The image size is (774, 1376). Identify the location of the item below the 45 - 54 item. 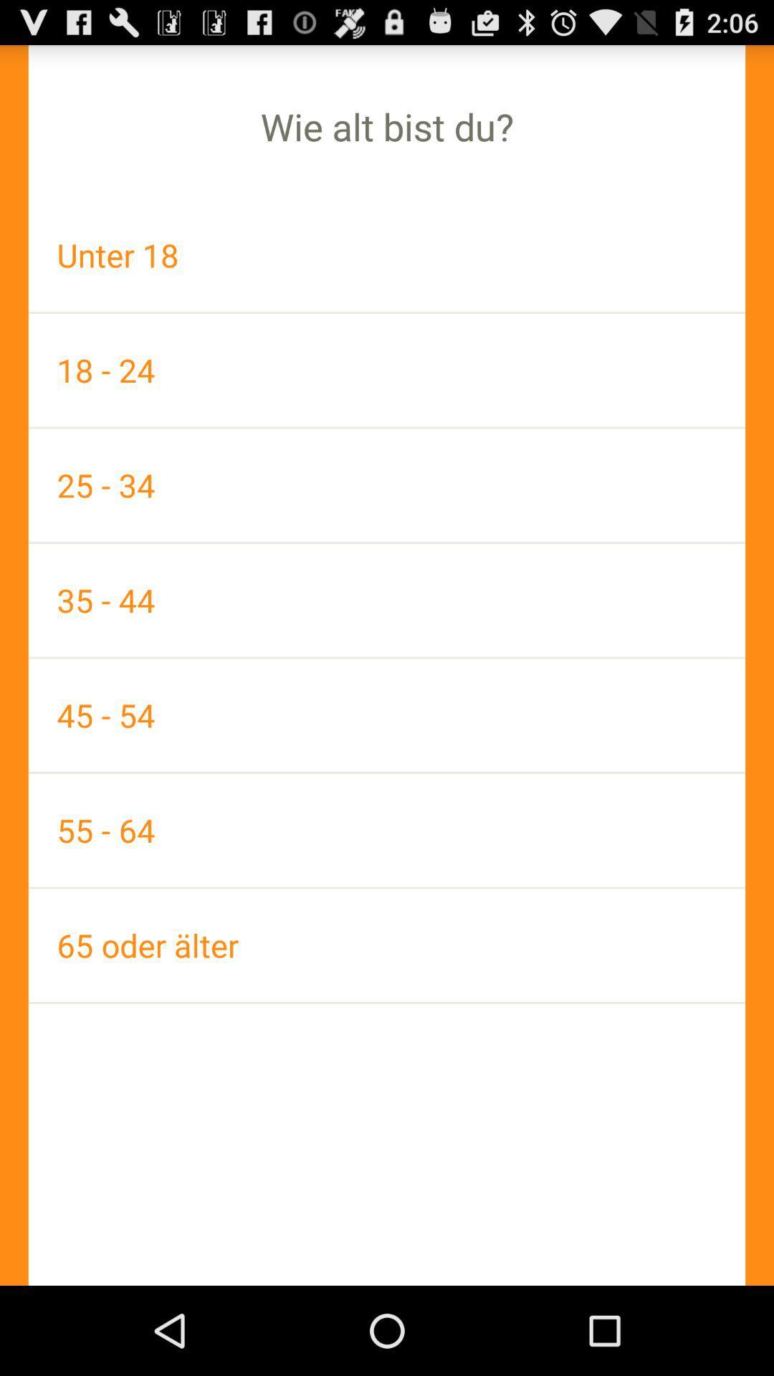
(387, 830).